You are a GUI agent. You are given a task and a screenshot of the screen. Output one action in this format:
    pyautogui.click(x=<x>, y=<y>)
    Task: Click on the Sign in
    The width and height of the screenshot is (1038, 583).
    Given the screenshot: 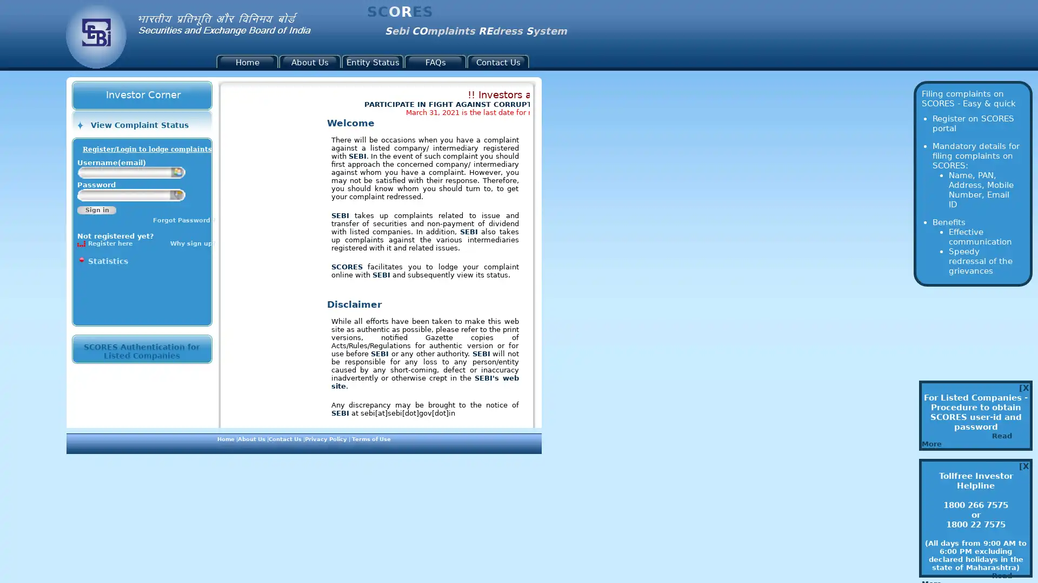 What is the action you would take?
    pyautogui.click(x=97, y=211)
    